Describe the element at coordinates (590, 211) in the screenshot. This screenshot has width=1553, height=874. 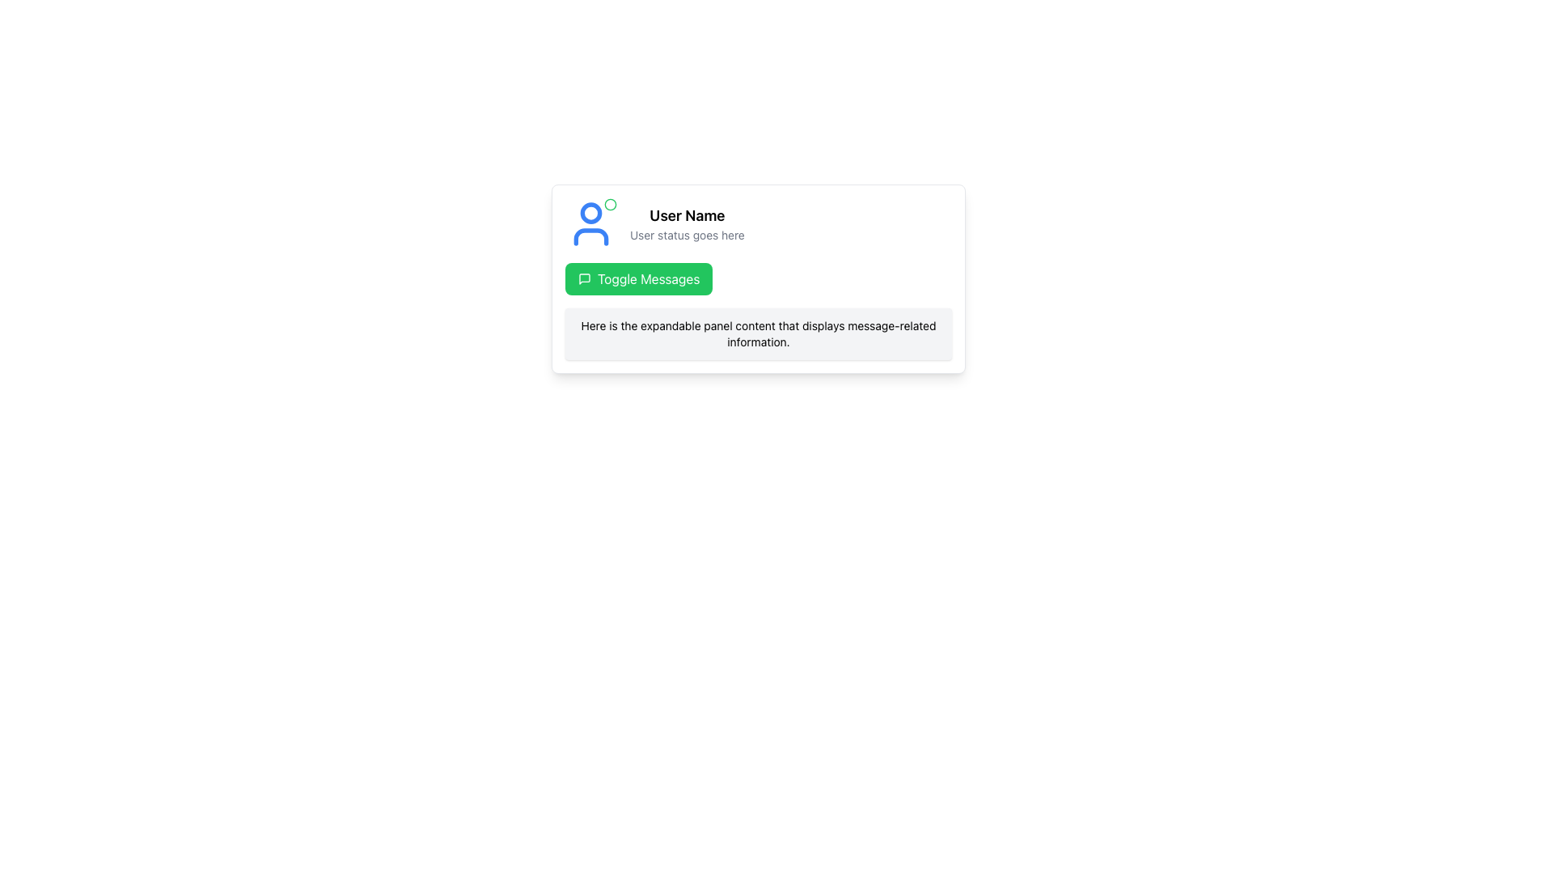
I see `the smaller circle at the center-top of the user icon, which serves as a graphical indicator for user status` at that location.